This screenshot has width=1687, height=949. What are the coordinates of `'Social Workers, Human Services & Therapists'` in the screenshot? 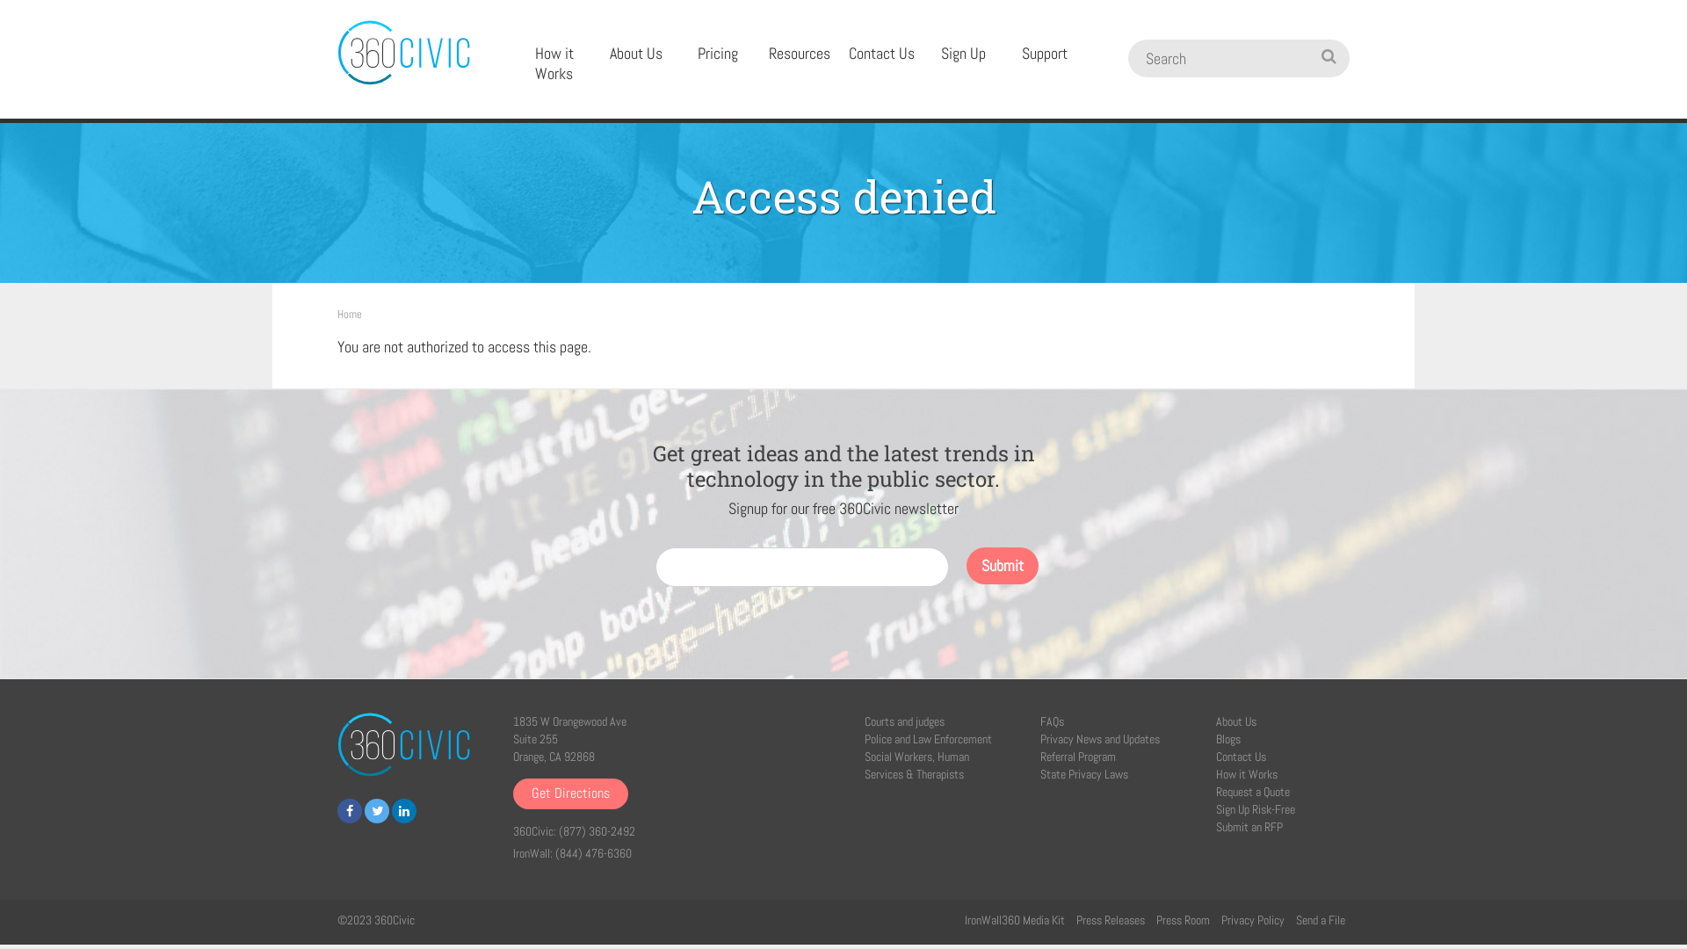 It's located at (916, 764).